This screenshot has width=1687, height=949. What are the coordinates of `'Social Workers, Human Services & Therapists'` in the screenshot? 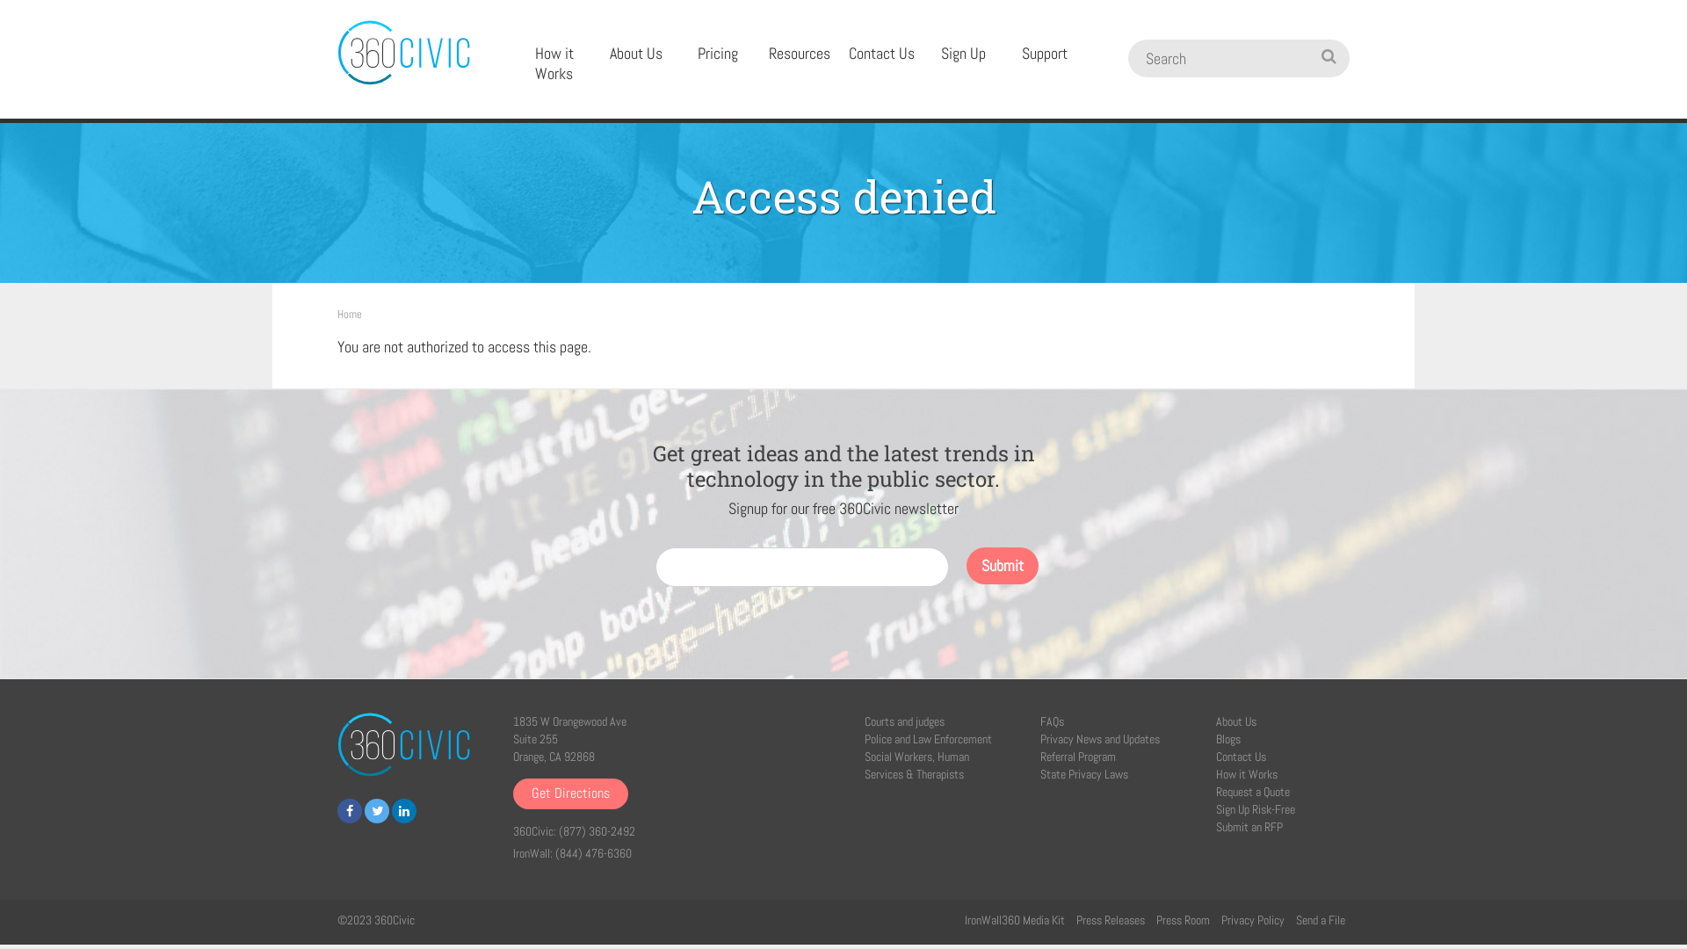 It's located at (916, 764).